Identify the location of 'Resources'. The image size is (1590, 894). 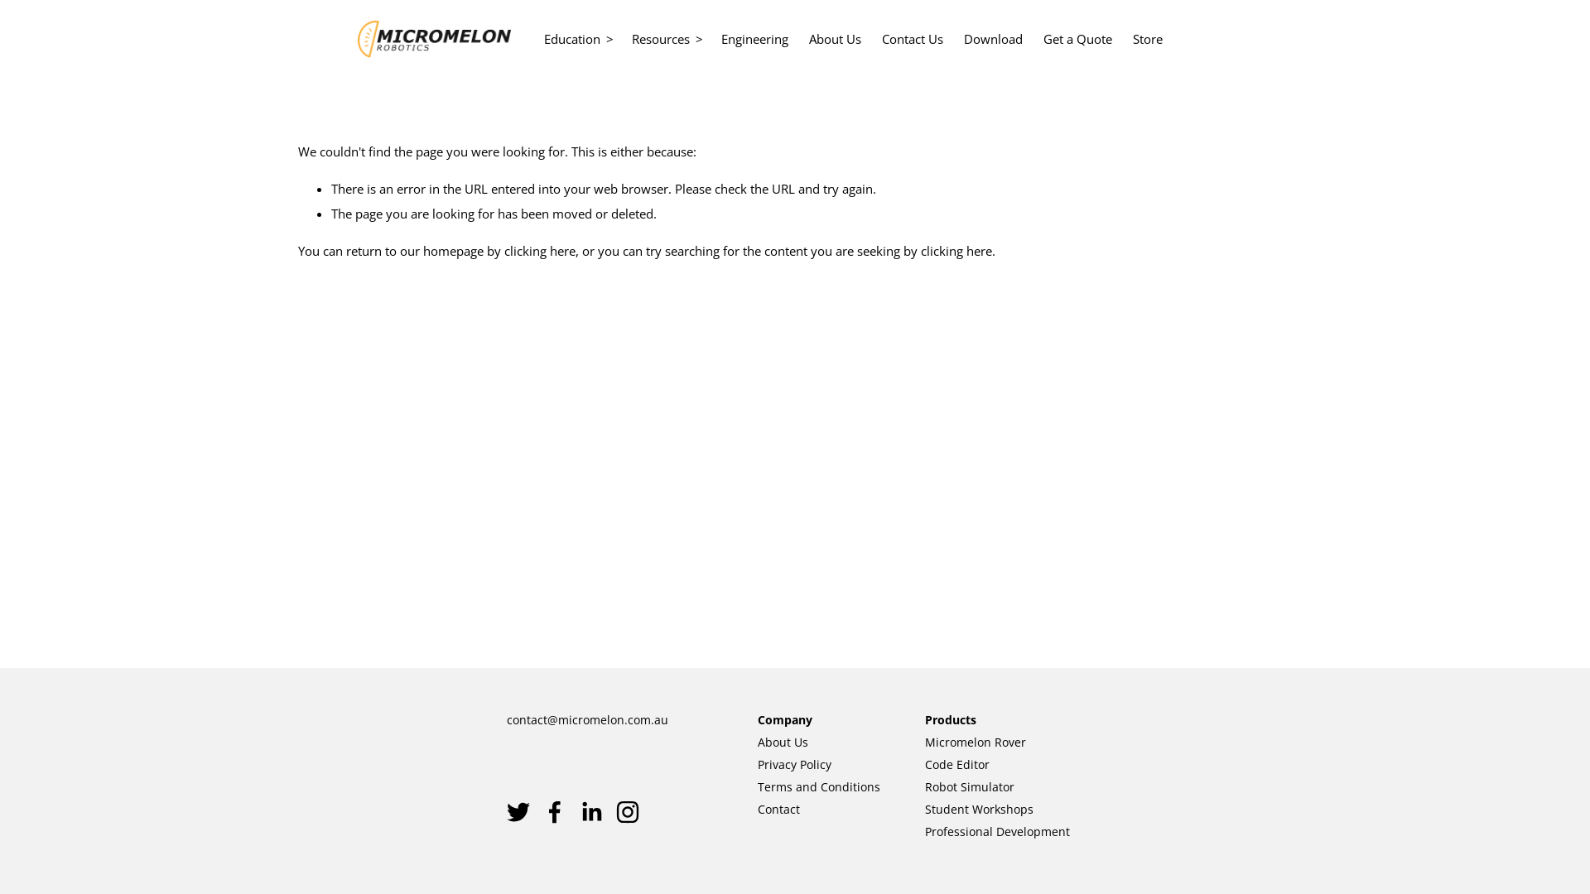
(667, 38).